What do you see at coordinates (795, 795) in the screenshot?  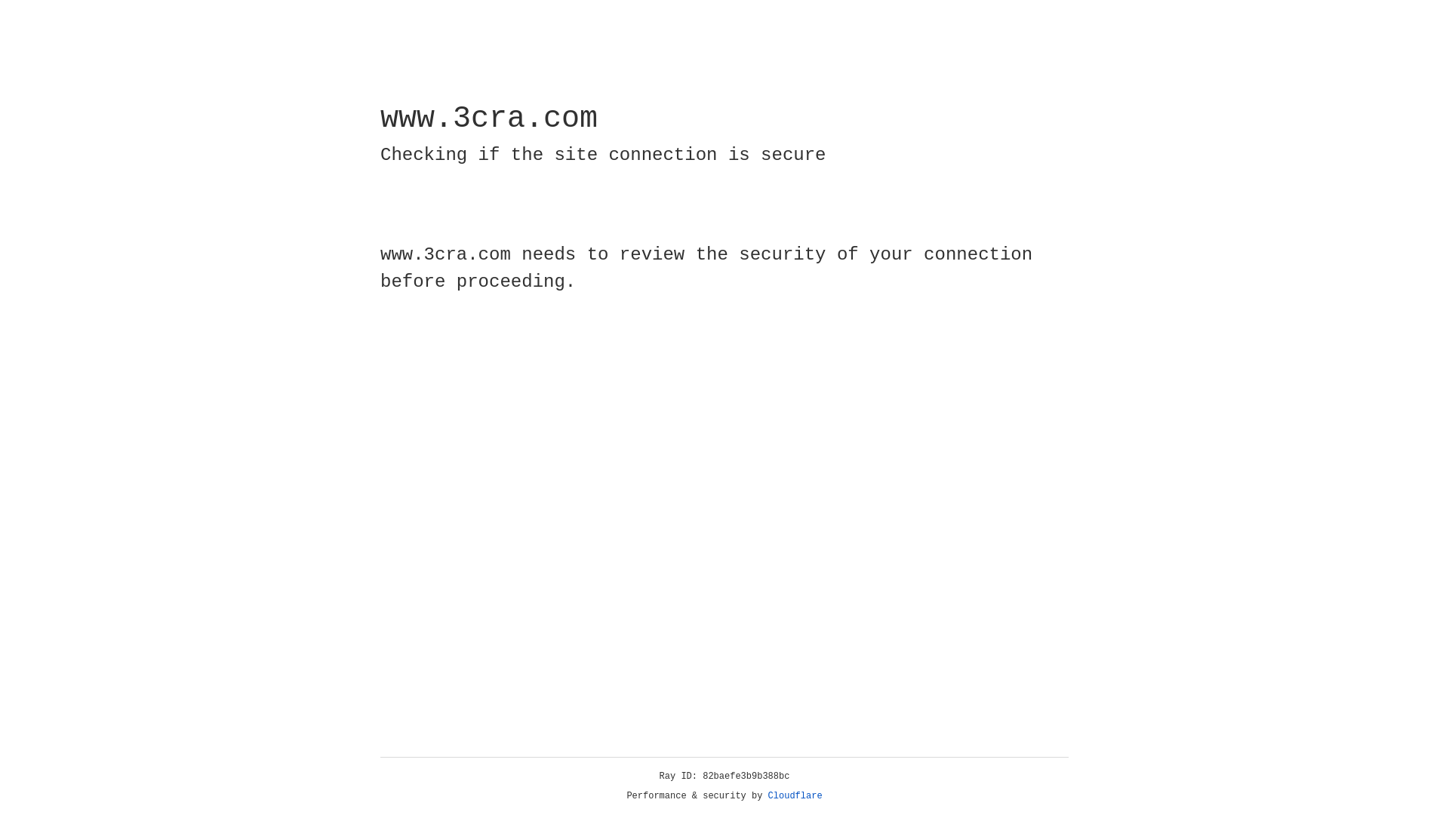 I see `'Cloudflare'` at bounding box center [795, 795].